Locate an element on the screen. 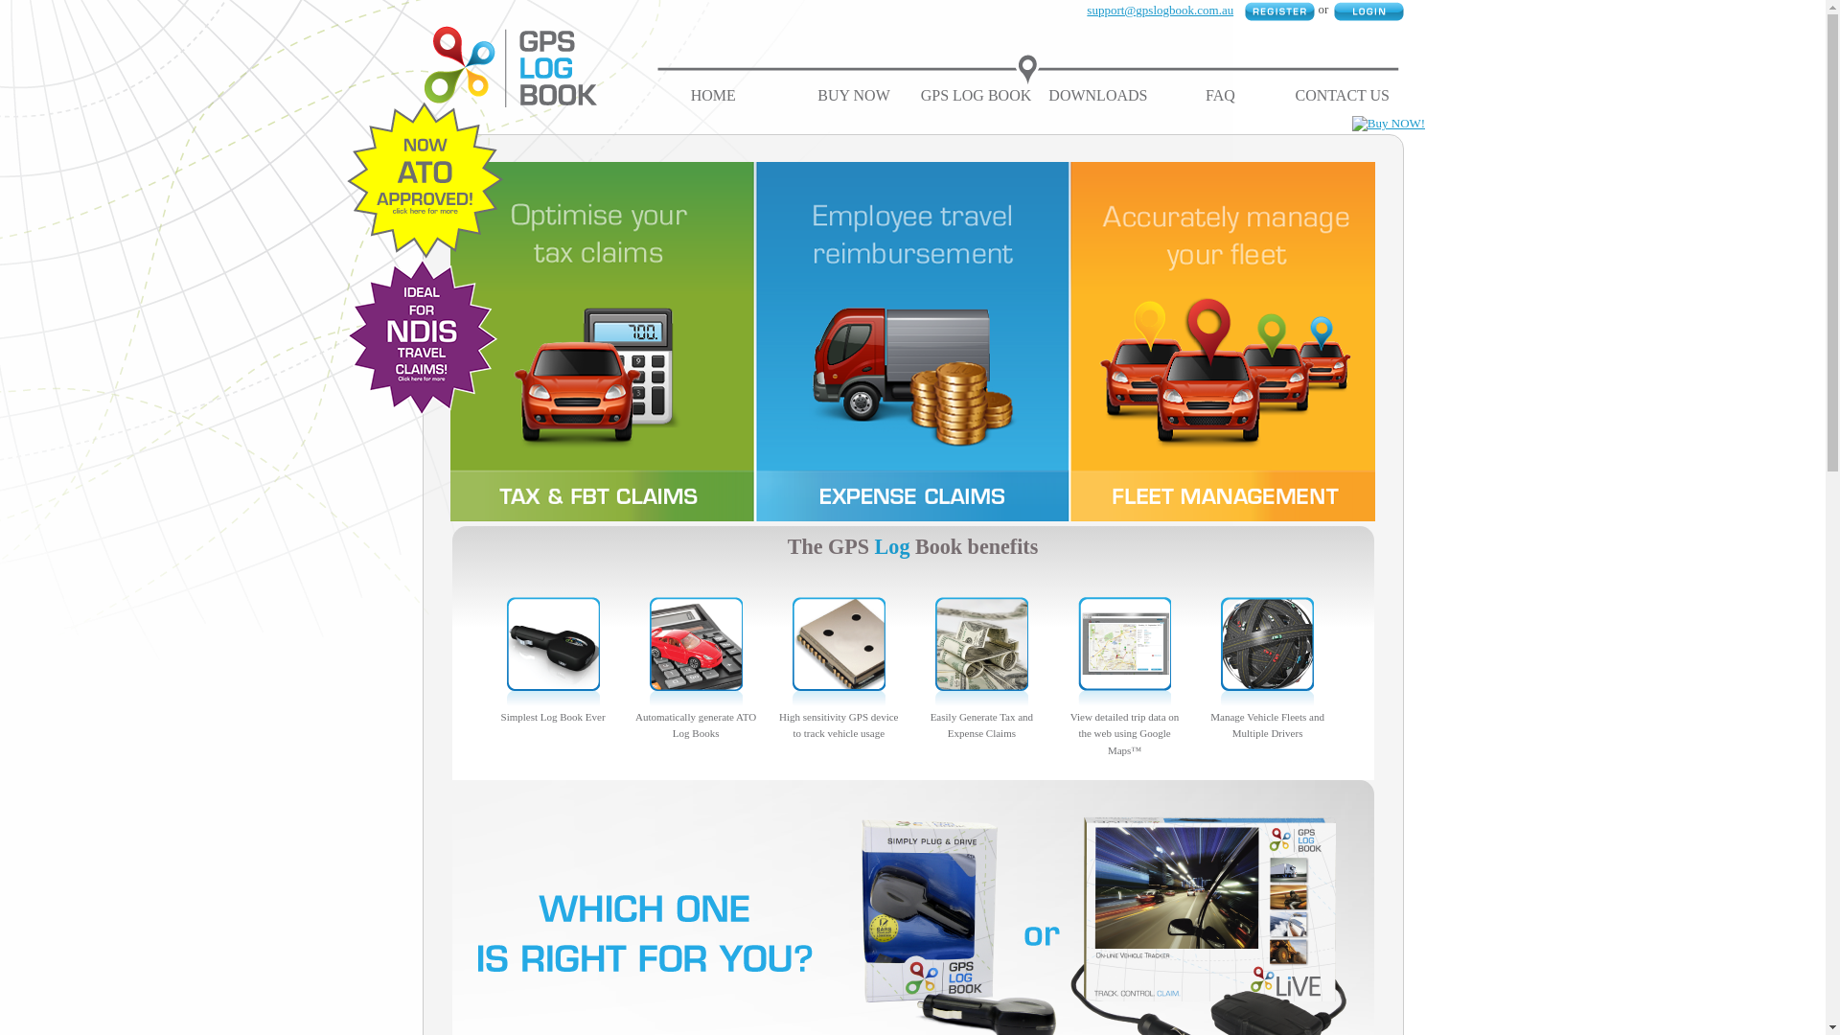  'FAQ' is located at coordinates (1219, 95).